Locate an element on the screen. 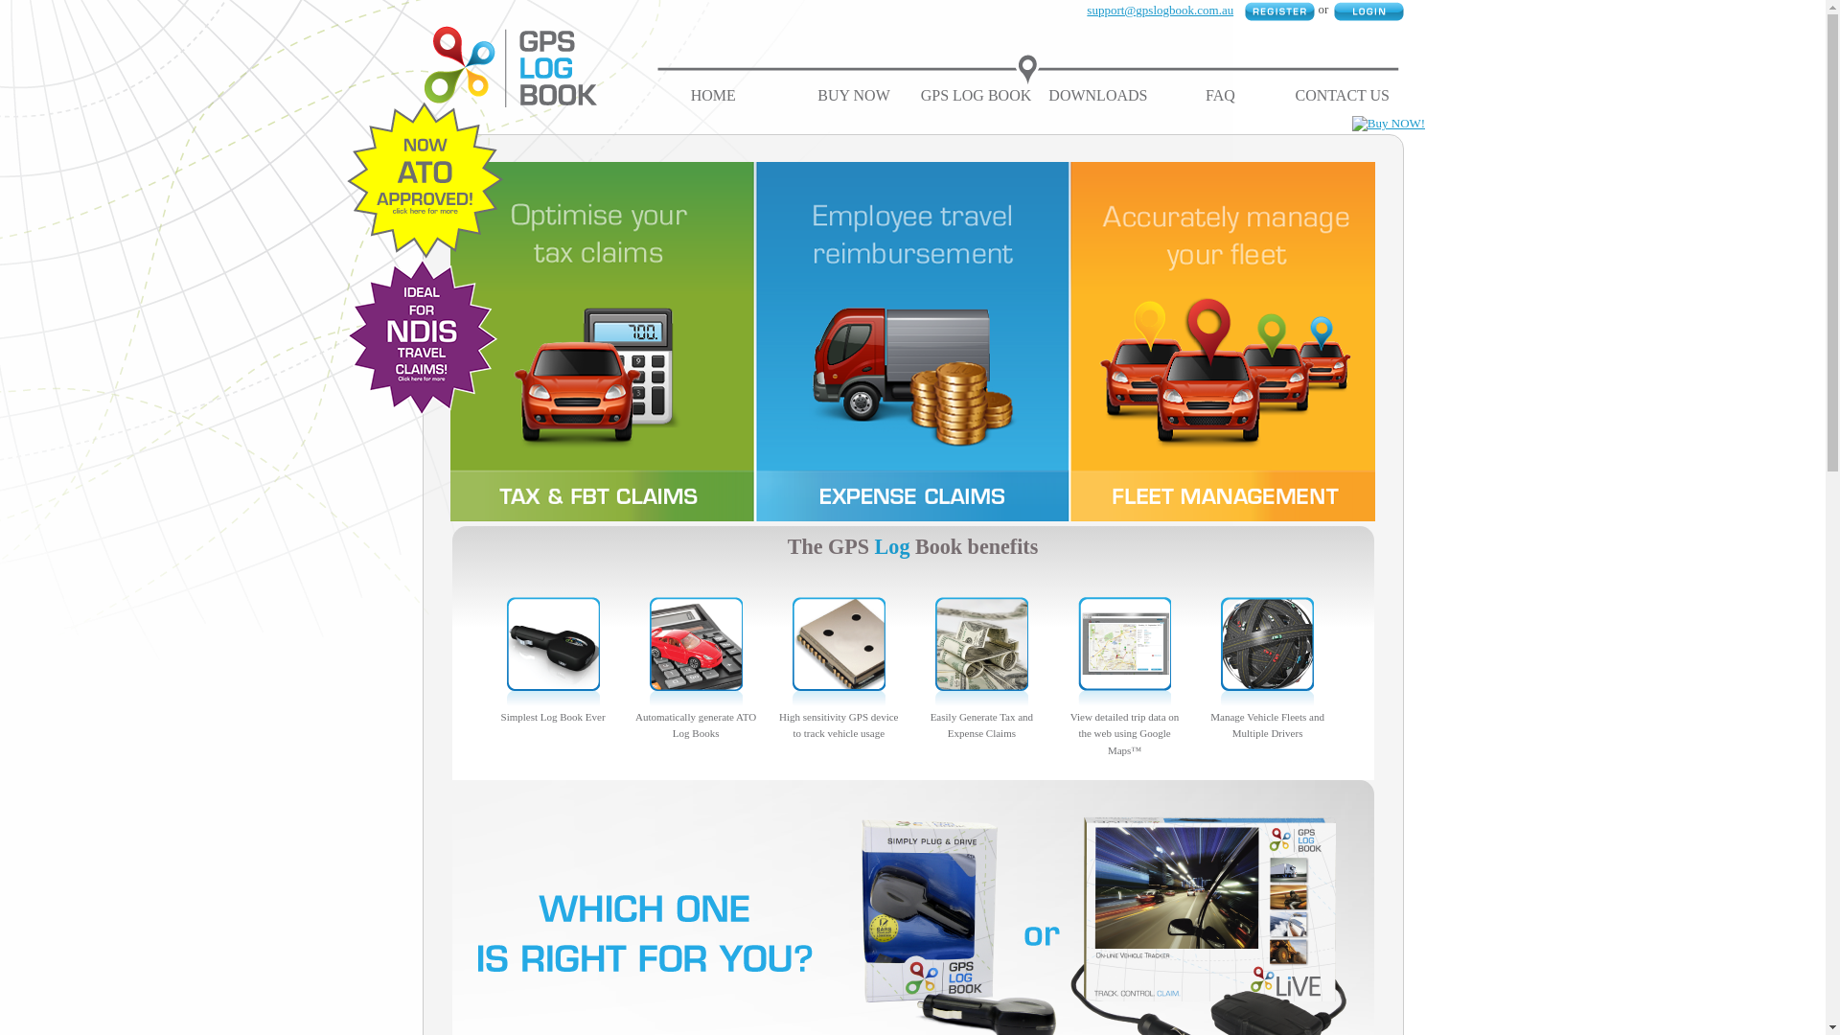  'FAQ' is located at coordinates (1219, 95).